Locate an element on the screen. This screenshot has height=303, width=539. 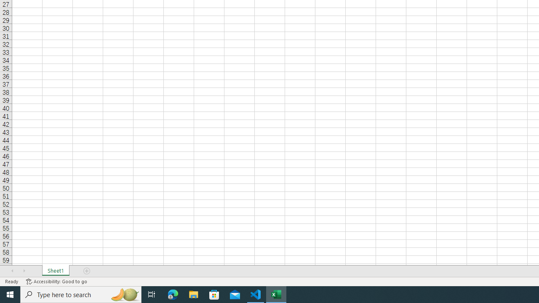
'Scroll Left' is located at coordinates (12, 271).